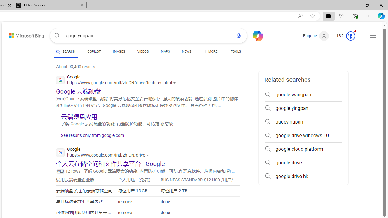 The height and width of the screenshot is (218, 388). What do you see at coordinates (303, 176) in the screenshot?
I see `'google drive hk'` at bounding box center [303, 176].